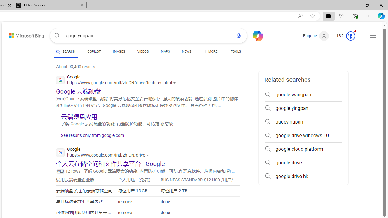 The height and width of the screenshot is (218, 388). What do you see at coordinates (303, 176) in the screenshot?
I see `'google drive hk'` at bounding box center [303, 176].